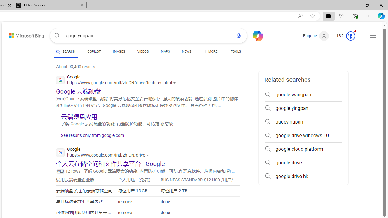 The height and width of the screenshot is (218, 388). What do you see at coordinates (303, 176) in the screenshot?
I see `'google drive hk'` at bounding box center [303, 176].